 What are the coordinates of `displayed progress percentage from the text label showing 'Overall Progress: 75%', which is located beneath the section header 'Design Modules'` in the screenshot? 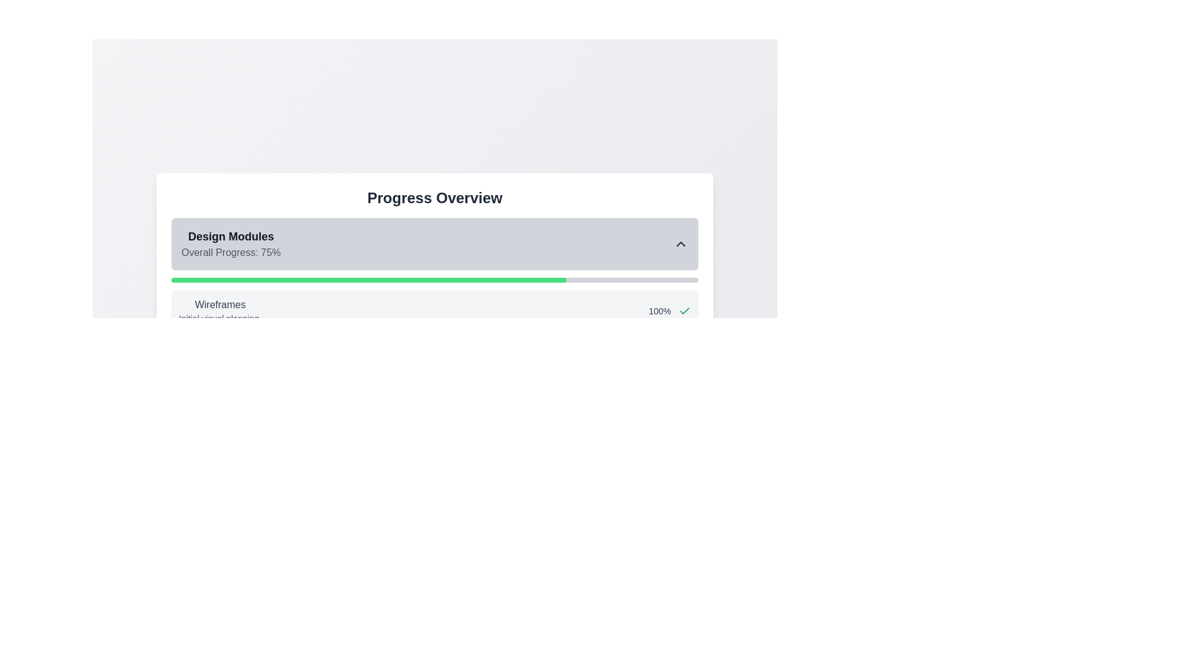 It's located at (231, 252).